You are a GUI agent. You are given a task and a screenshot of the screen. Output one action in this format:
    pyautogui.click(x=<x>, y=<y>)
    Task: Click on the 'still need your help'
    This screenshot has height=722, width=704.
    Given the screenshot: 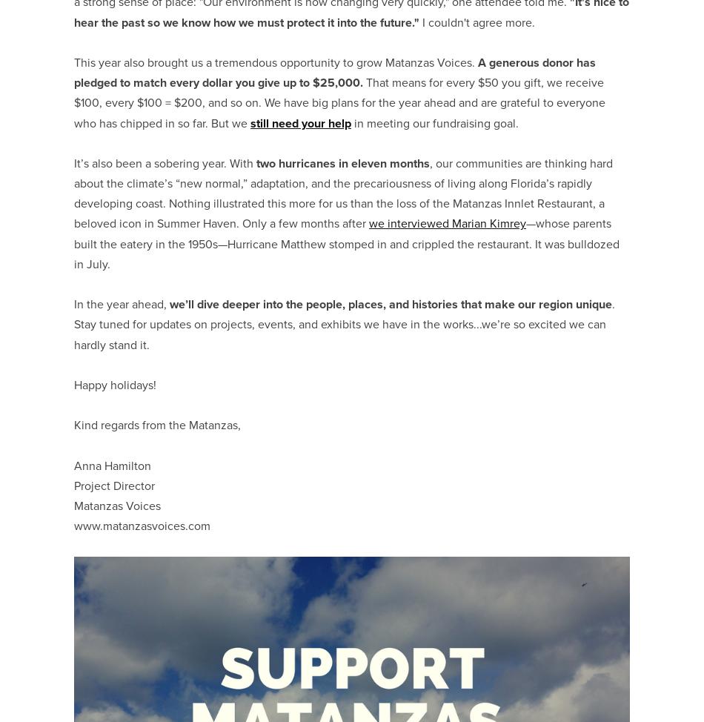 What is the action you would take?
    pyautogui.click(x=300, y=122)
    